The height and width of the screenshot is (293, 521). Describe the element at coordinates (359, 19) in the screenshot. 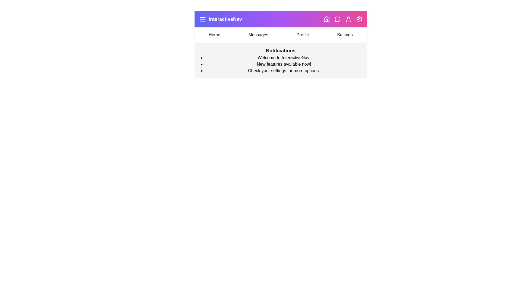

I see `the Settings icon to navigate to the corresponding section` at that location.